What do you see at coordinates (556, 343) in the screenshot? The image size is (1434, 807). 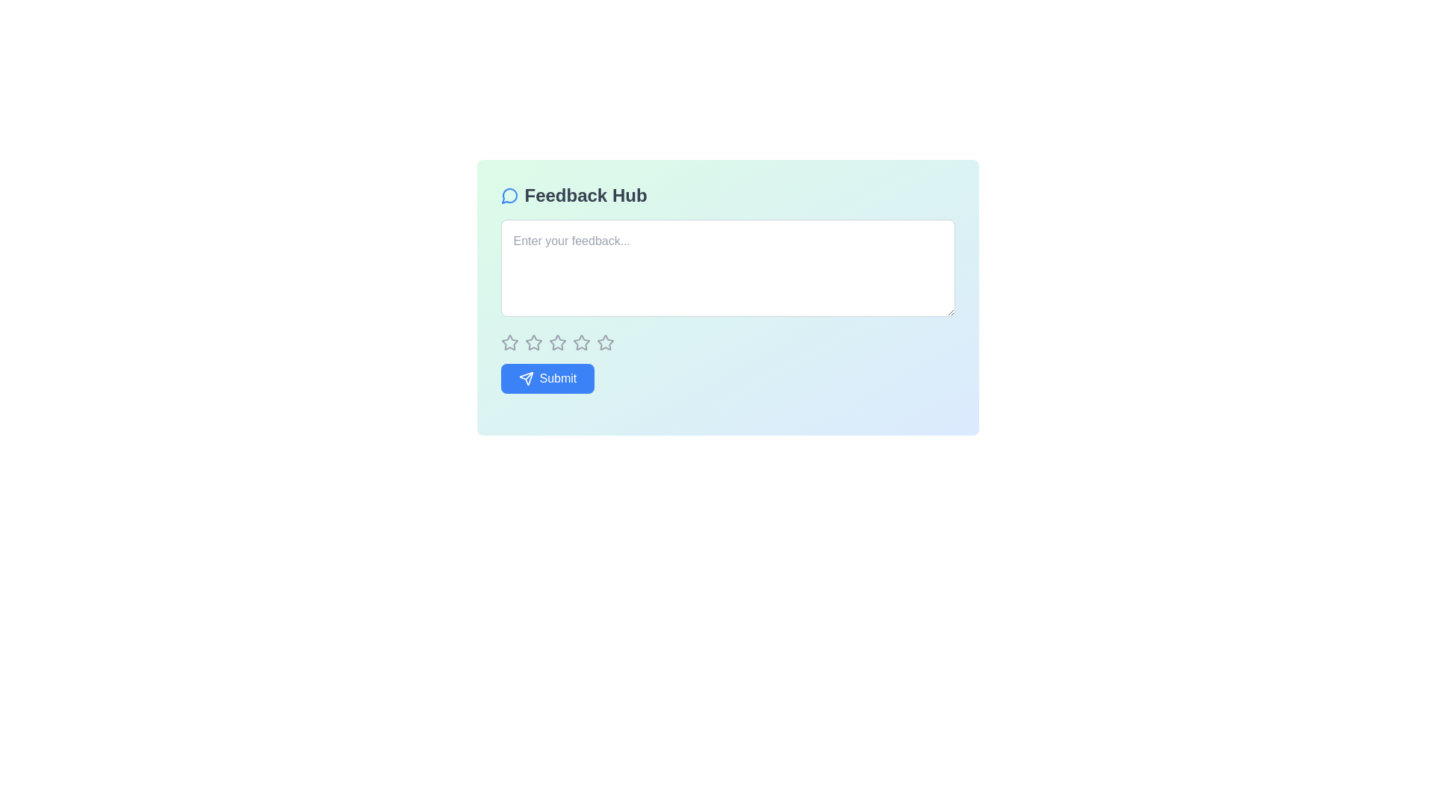 I see `the interactive star icon (third star in a row of five)` at bounding box center [556, 343].